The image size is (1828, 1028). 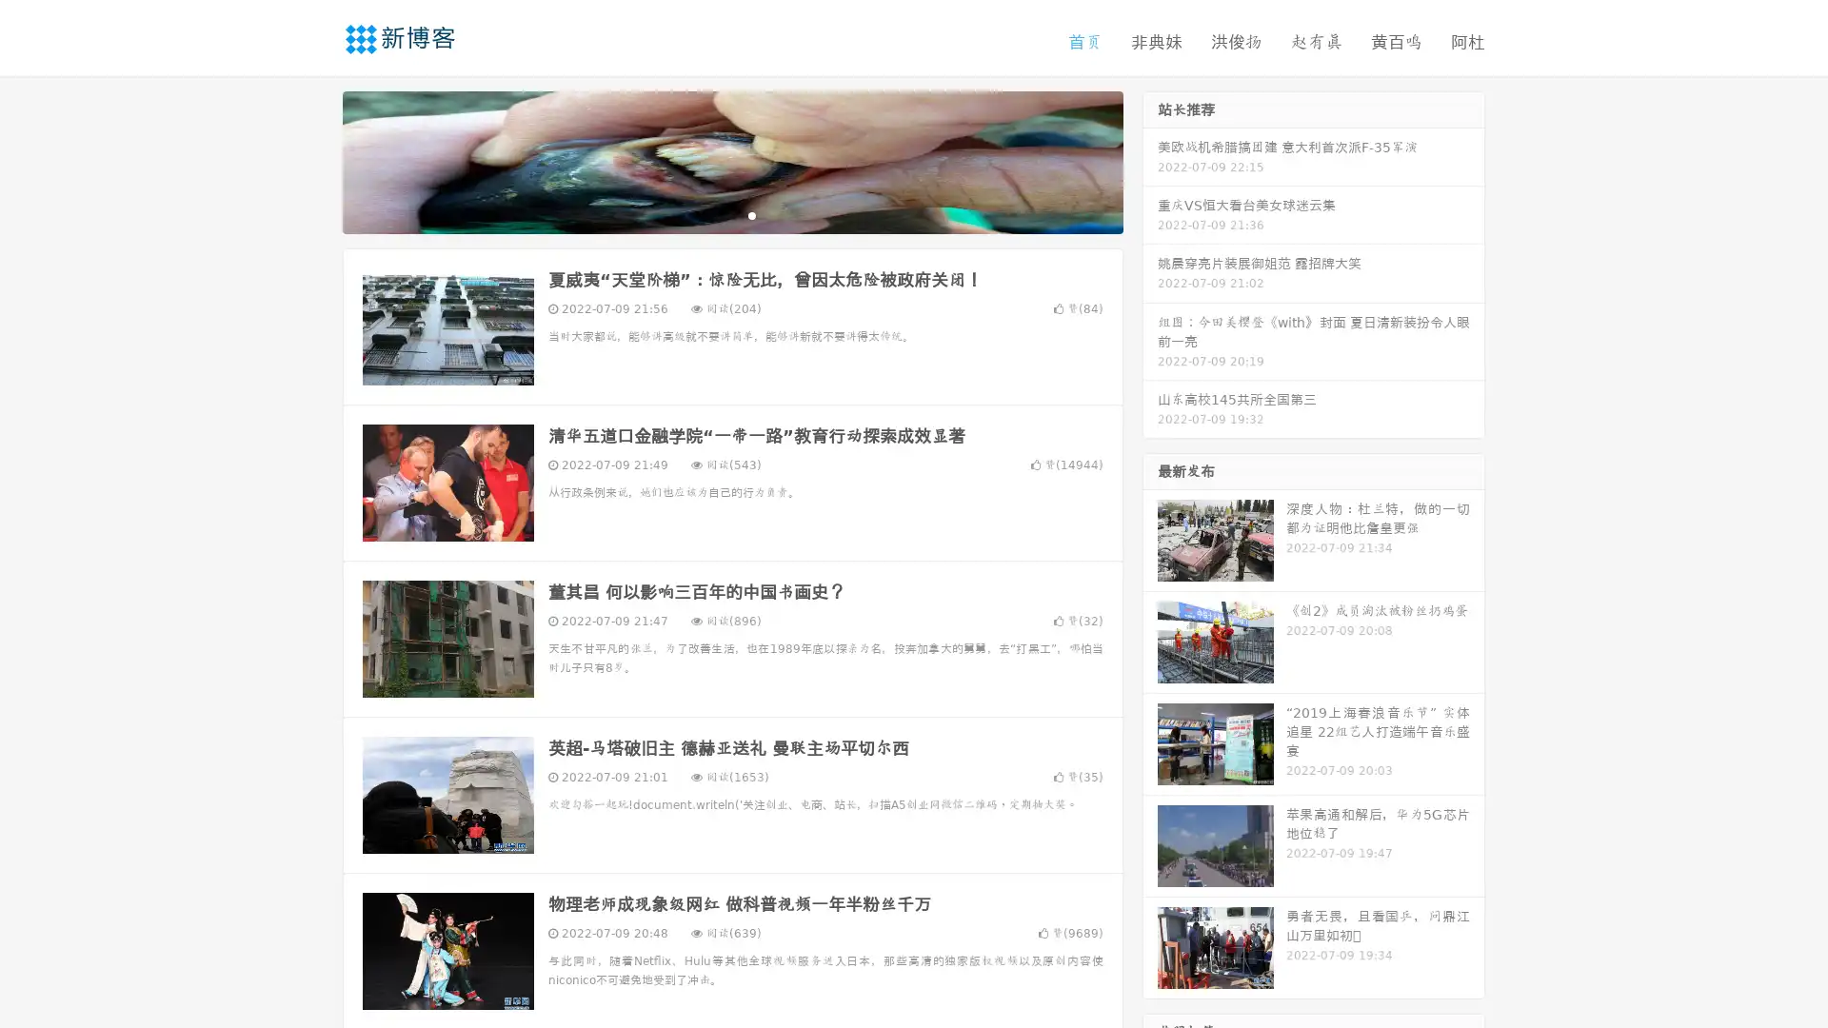 What do you see at coordinates (712, 214) in the screenshot?
I see `Go to slide 1` at bounding box center [712, 214].